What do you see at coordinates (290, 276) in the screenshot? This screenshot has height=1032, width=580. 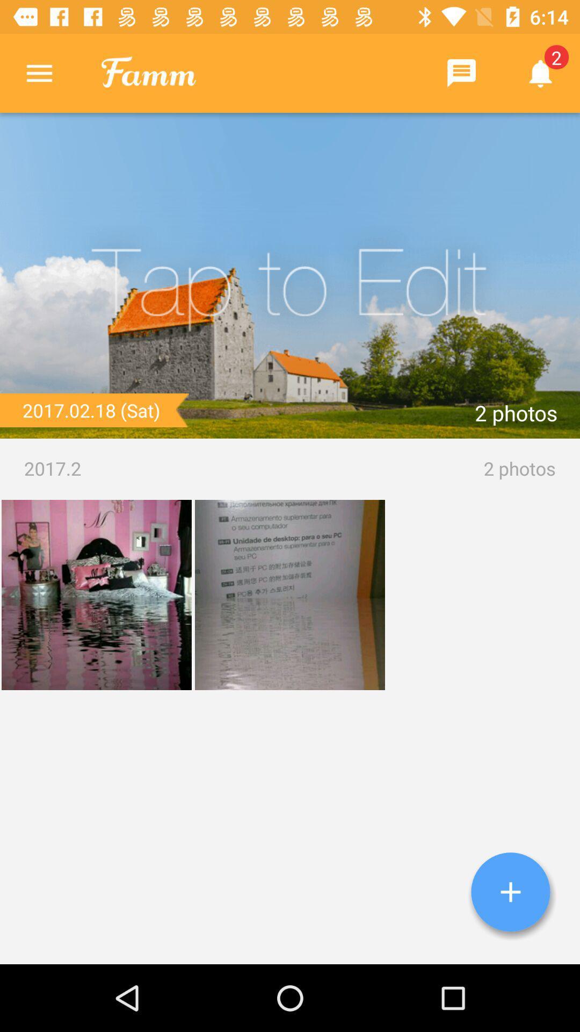 I see `icon above the 2017.2 item` at bounding box center [290, 276].